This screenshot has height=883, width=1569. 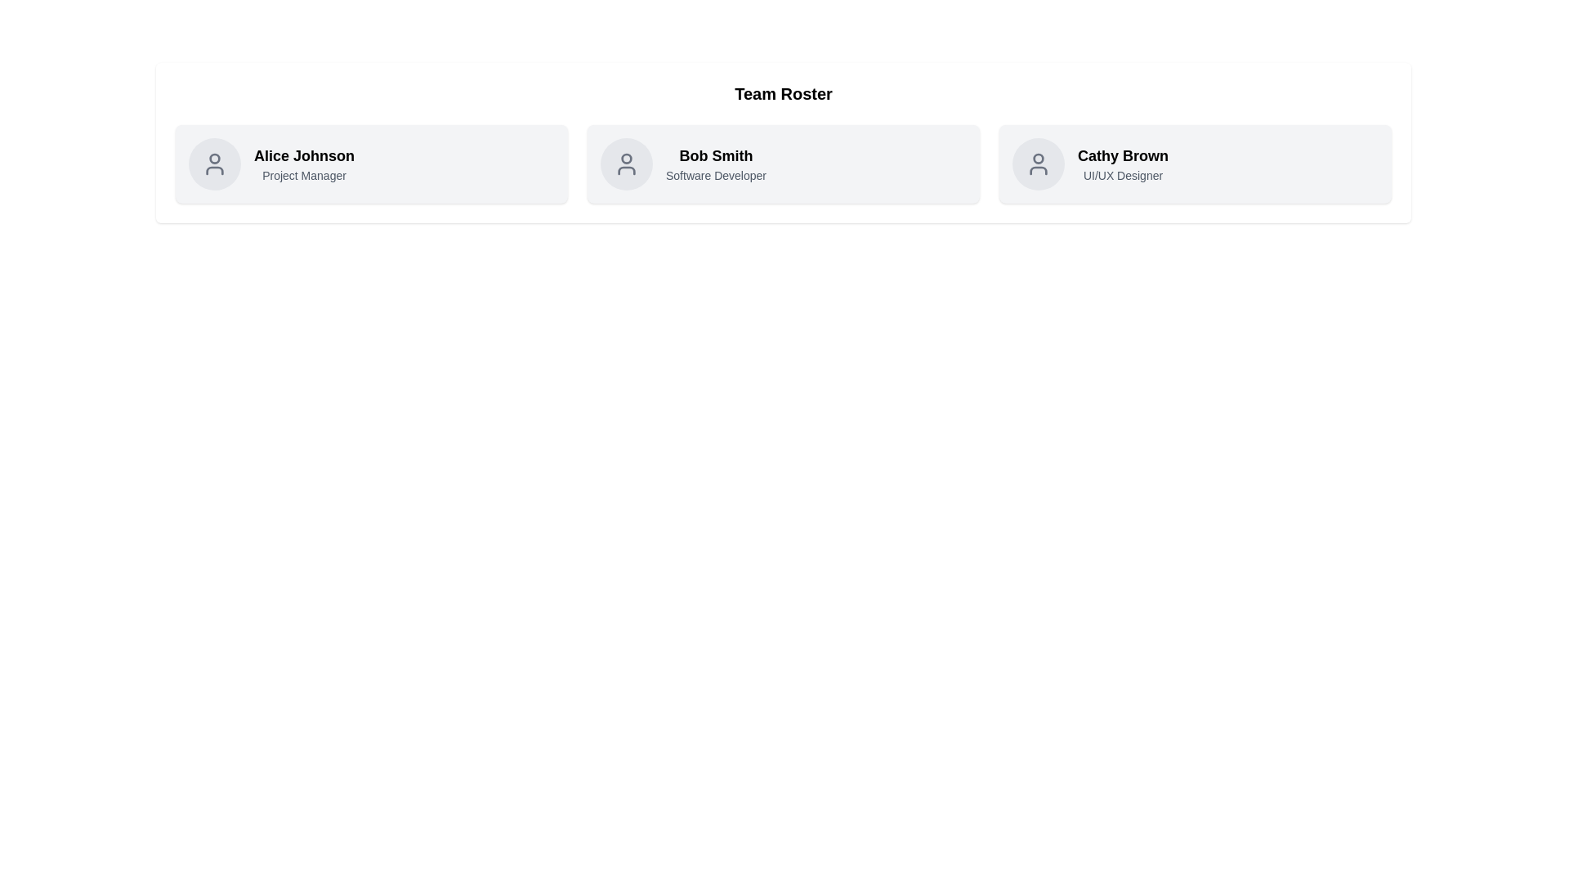 What do you see at coordinates (1038, 164) in the screenshot?
I see `the user icon with a gray outline and light gray circular background located in the profile card for 'Cathy Brown', which is positioned third among other cards` at bounding box center [1038, 164].